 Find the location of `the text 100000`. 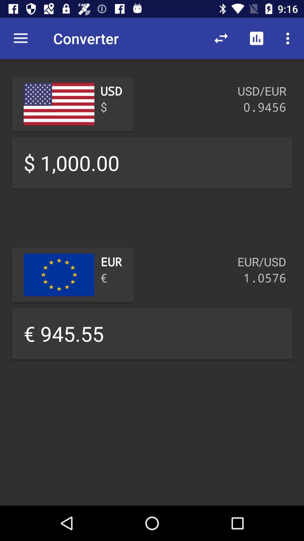

the text 100000 is located at coordinates (152, 162).